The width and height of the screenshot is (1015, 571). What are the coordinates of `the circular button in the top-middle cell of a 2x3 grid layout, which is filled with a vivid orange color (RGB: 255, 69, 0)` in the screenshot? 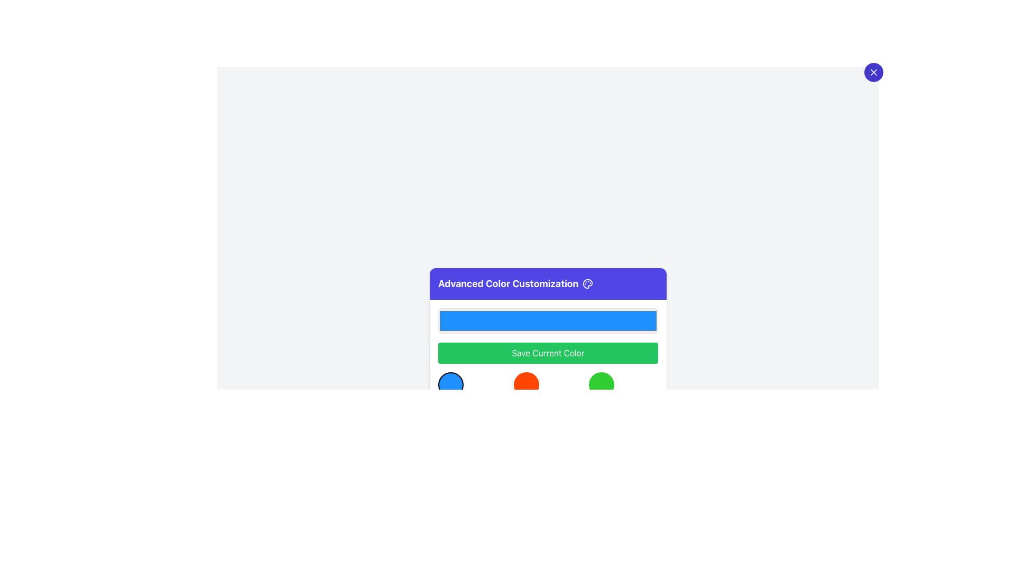 It's located at (526, 384).